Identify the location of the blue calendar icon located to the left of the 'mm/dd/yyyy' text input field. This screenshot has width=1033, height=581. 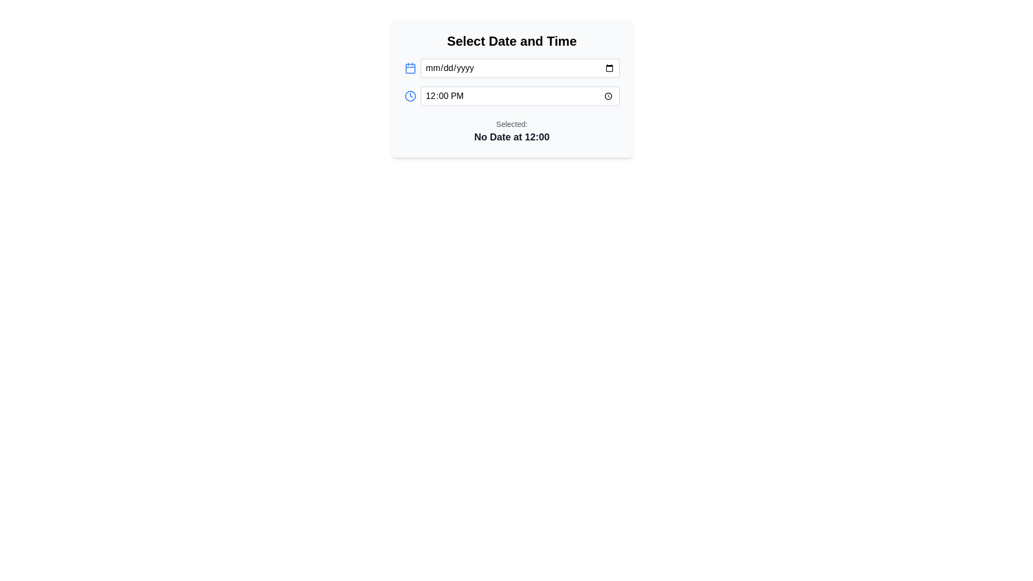
(409, 68).